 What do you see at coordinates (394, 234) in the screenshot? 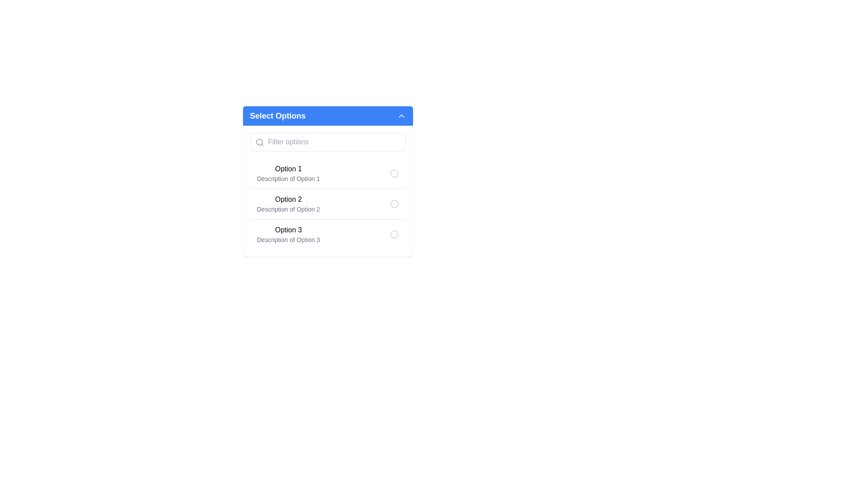
I see `the radio button for 'Option 3' in the 'Select Options' dropdown list` at bounding box center [394, 234].